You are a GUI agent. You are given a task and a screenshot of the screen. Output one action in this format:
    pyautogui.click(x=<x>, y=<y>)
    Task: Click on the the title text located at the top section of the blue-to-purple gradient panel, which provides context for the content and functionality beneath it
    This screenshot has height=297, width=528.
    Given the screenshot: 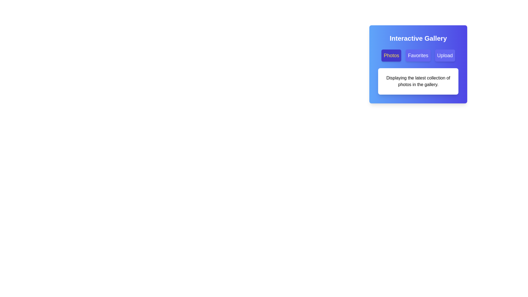 What is the action you would take?
    pyautogui.click(x=418, y=38)
    